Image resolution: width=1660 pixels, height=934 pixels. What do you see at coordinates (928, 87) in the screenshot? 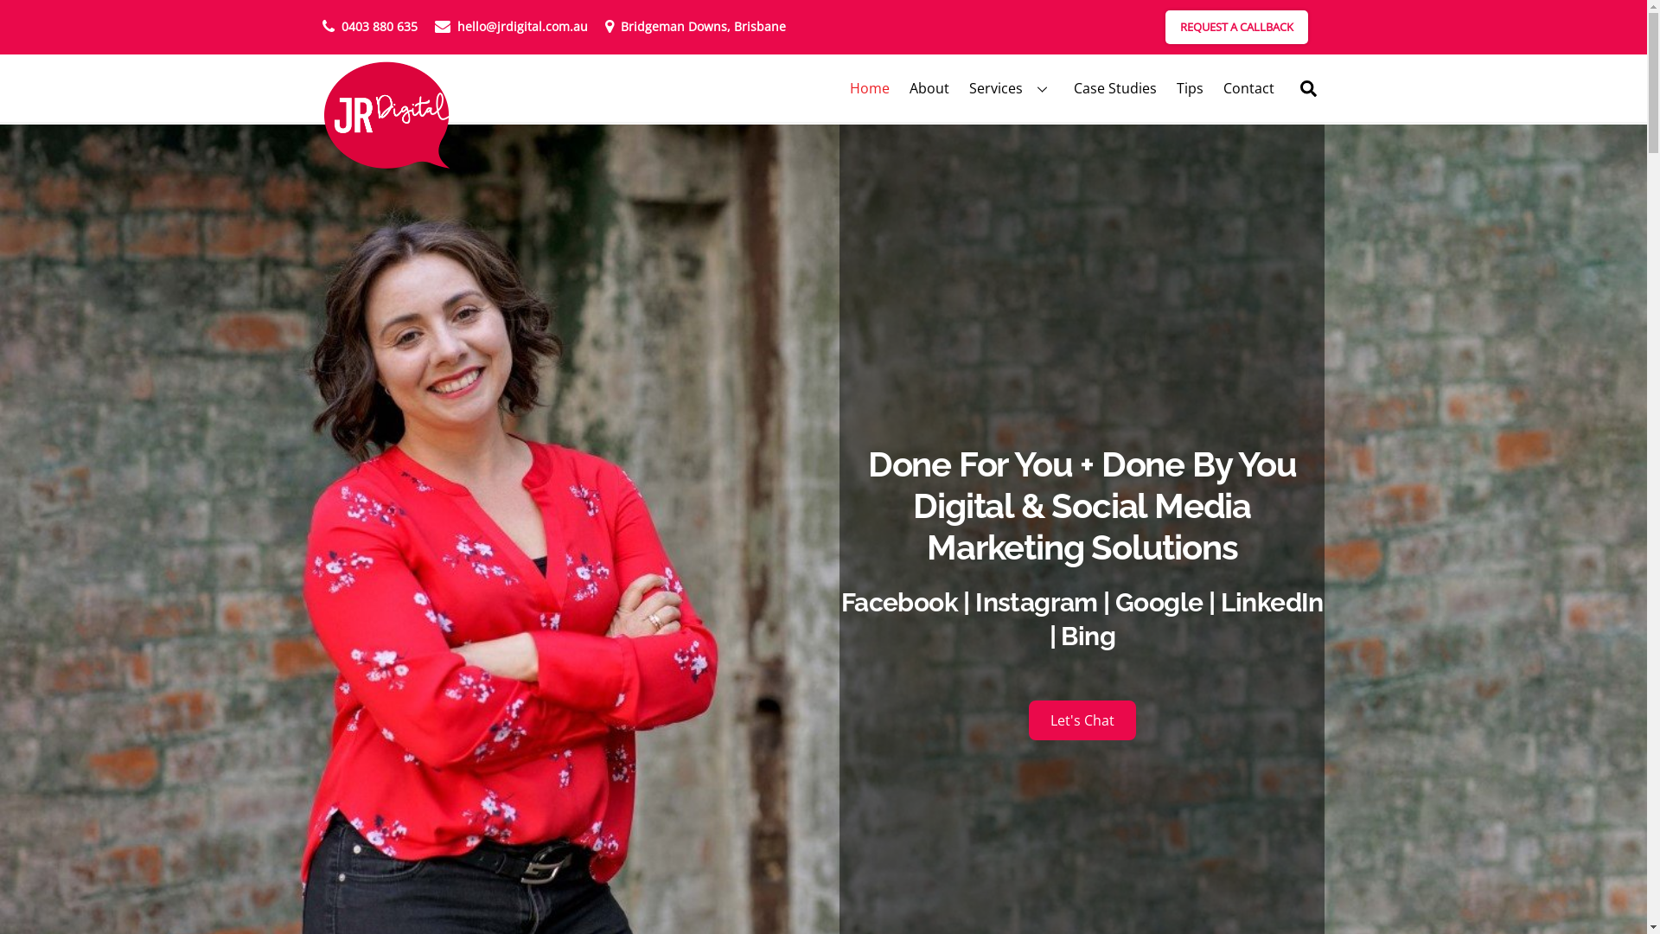
I see `'About'` at bounding box center [928, 87].